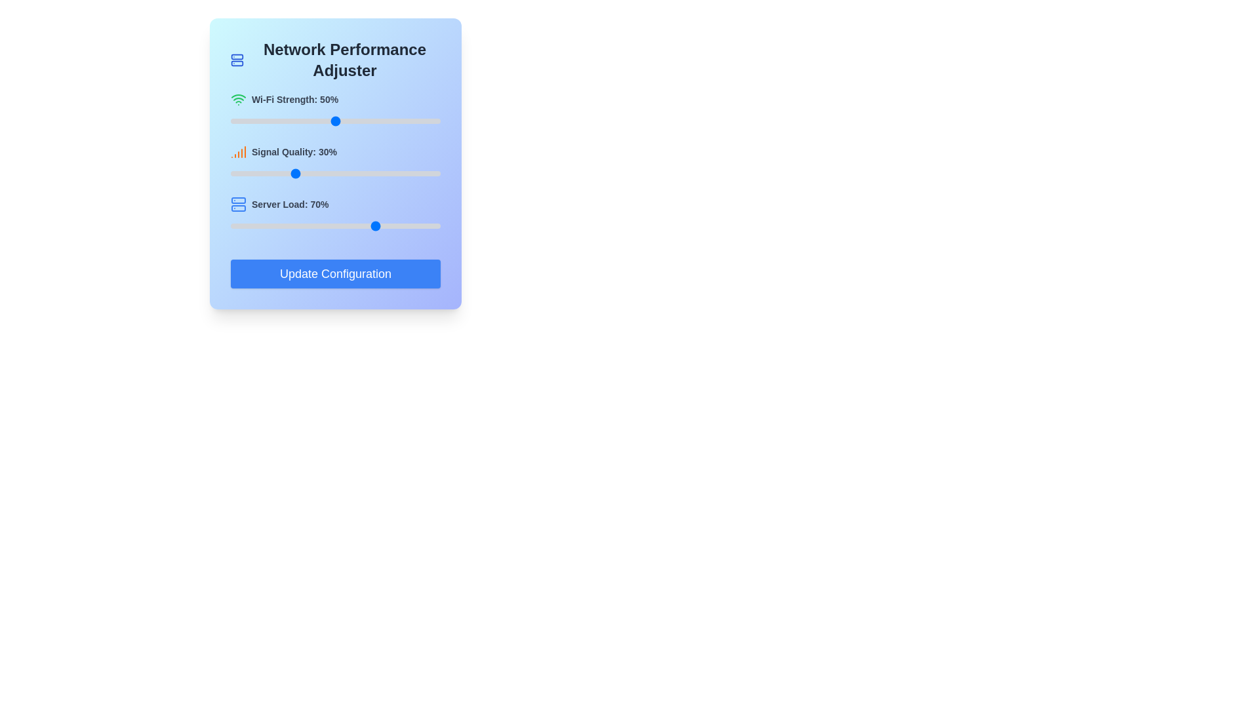  I want to click on signal quality, so click(398, 173).